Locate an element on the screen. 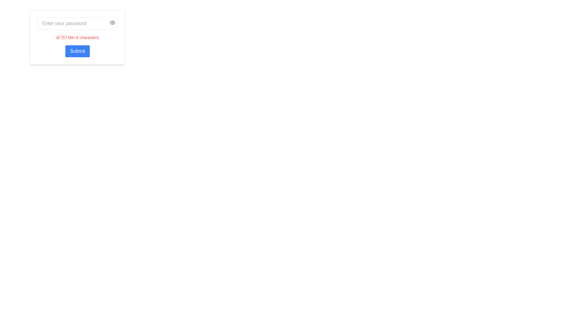  the blue 'Submit' button with rounded corners for keyboard interactions is located at coordinates (77, 51).